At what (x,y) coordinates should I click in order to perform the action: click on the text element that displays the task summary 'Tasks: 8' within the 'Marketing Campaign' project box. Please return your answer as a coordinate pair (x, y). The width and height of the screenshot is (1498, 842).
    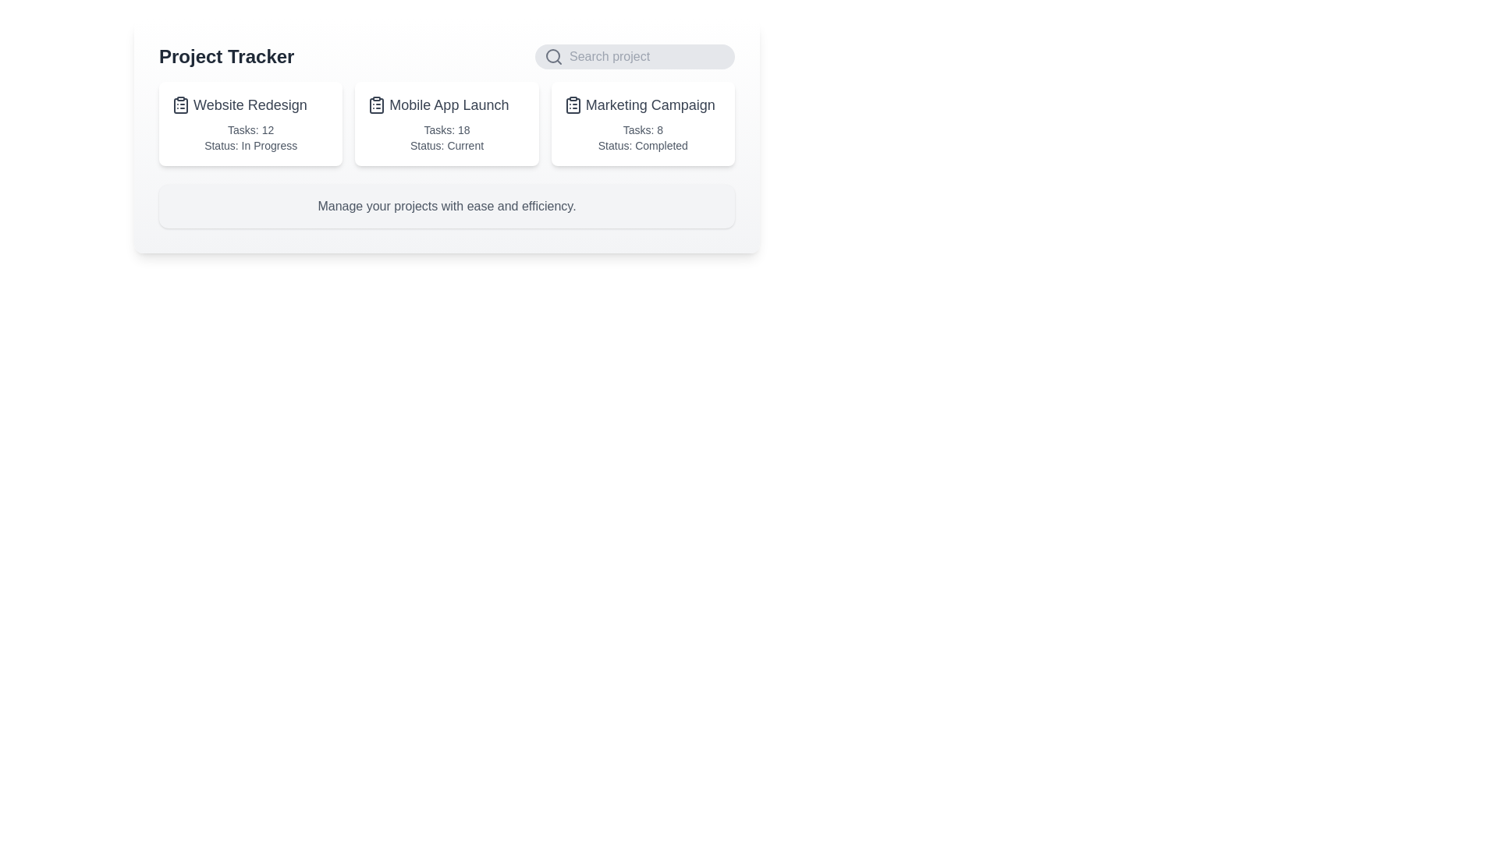
    Looking at the image, I should click on (643, 129).